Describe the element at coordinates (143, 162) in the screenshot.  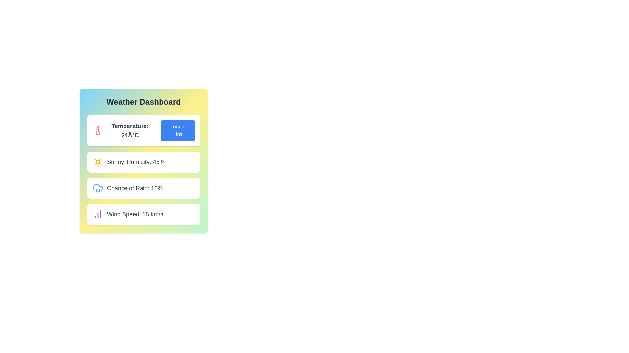
I see `the information display section that shows the current sunny weather conditions and humidity level, which is the second item listed under the weather statistics section` at that location.